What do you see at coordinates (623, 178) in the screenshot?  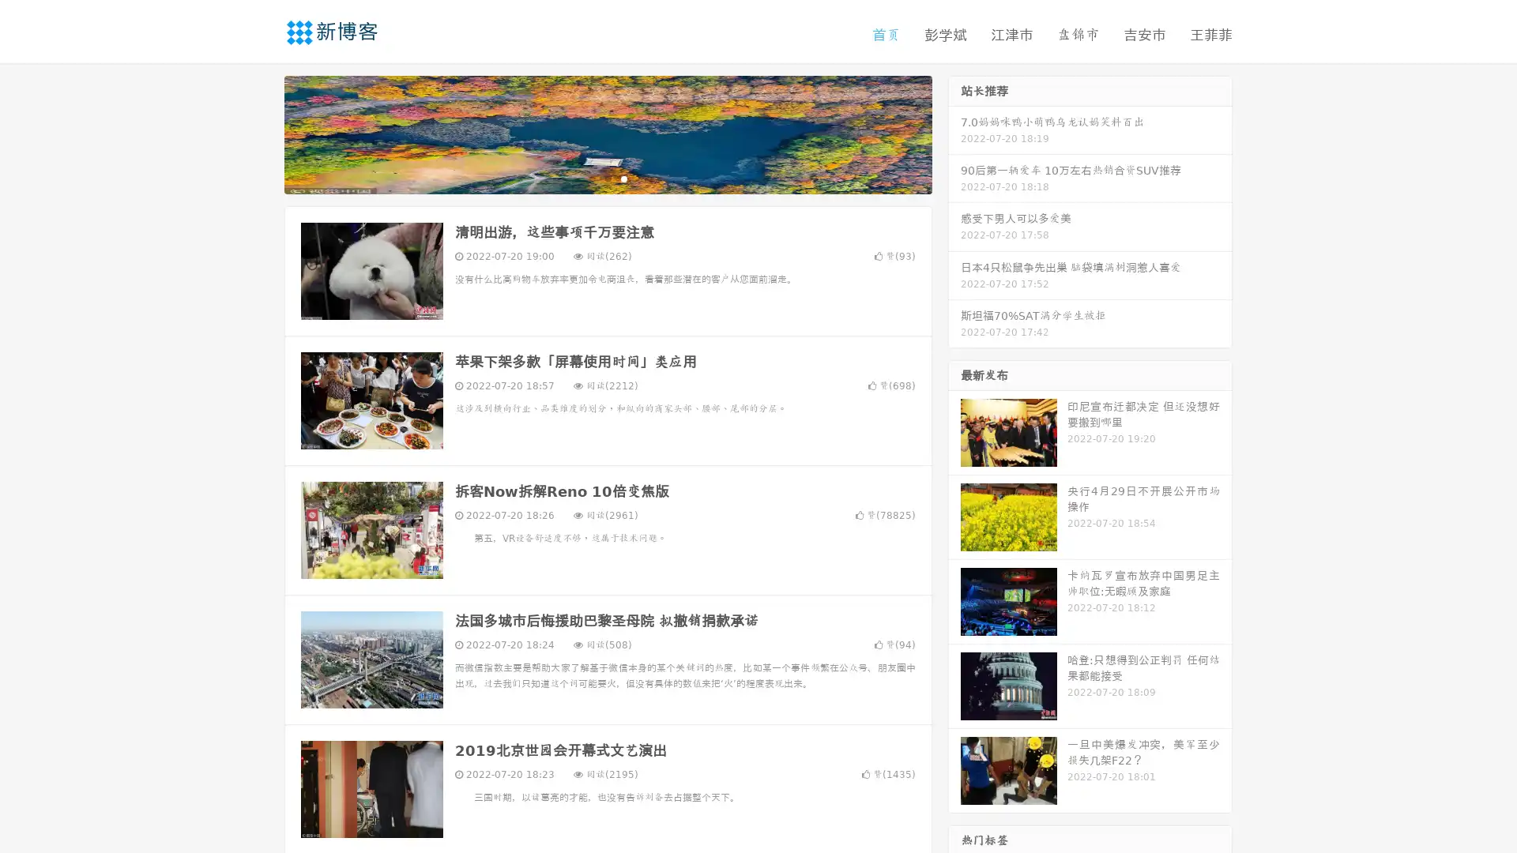 I see `Go to slide 3` at bounding box center [623, 178].